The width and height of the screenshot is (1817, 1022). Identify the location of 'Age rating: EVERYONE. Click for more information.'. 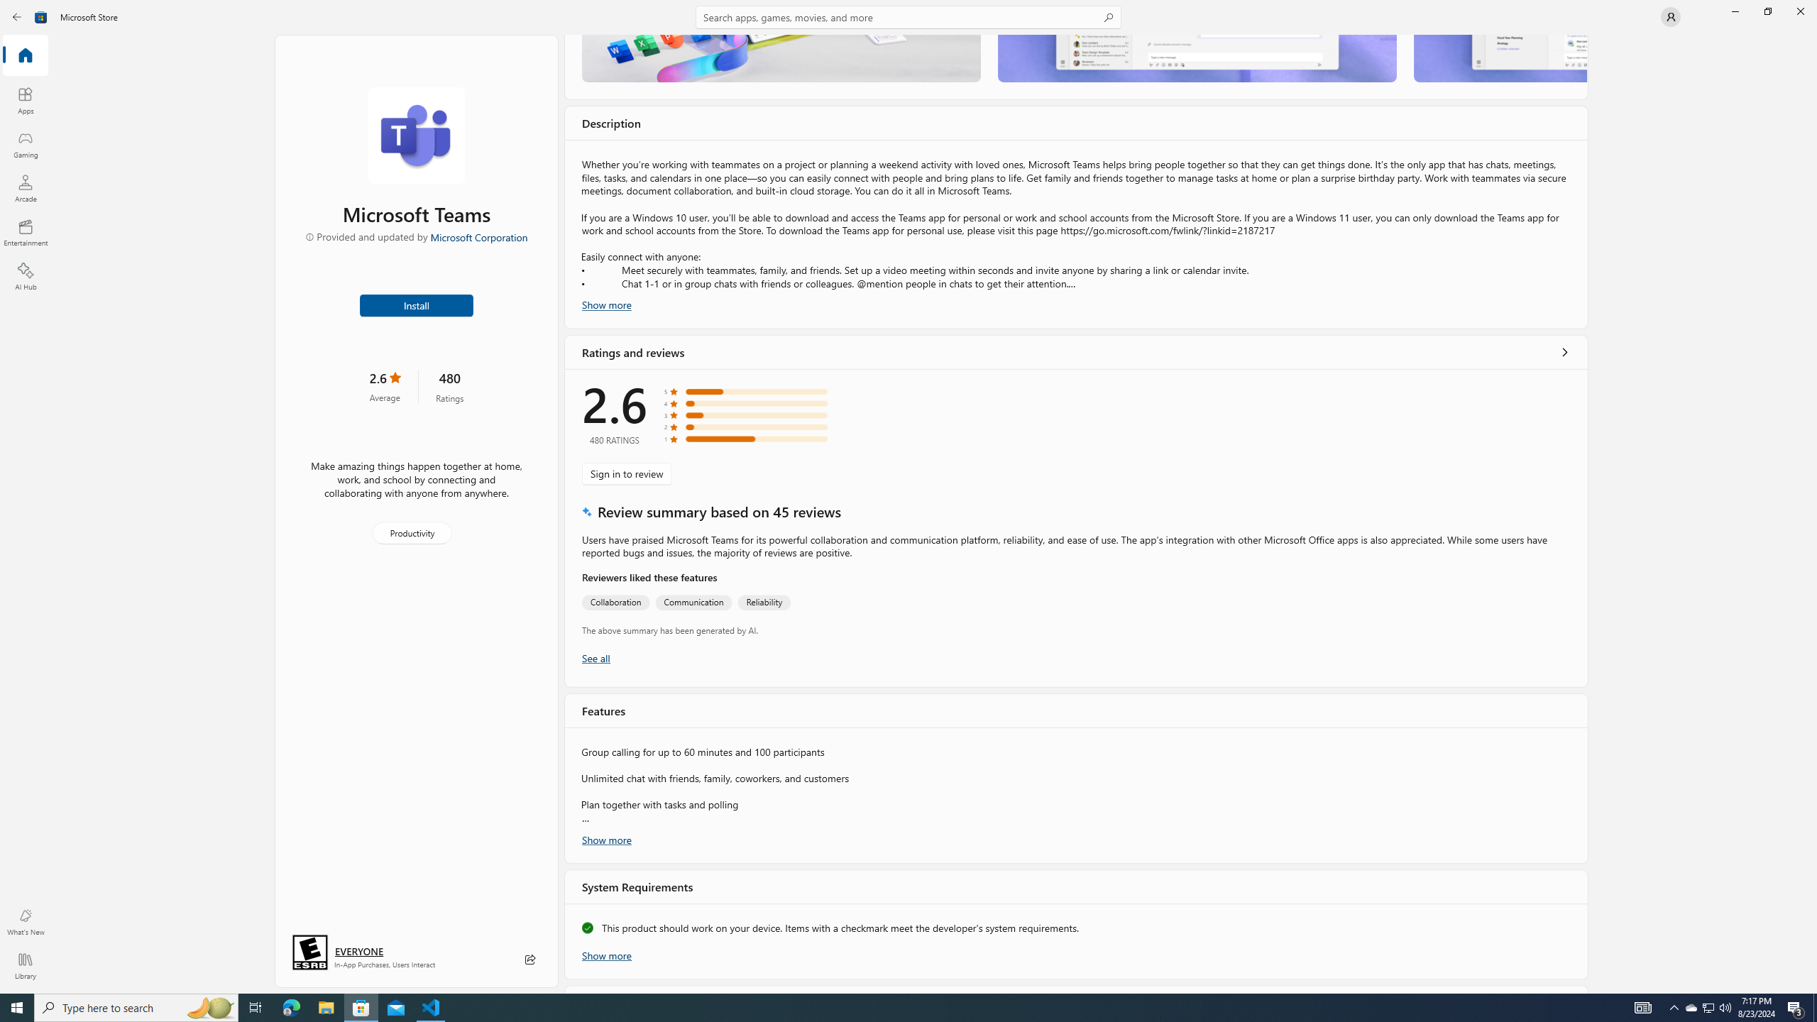
(358, 951).